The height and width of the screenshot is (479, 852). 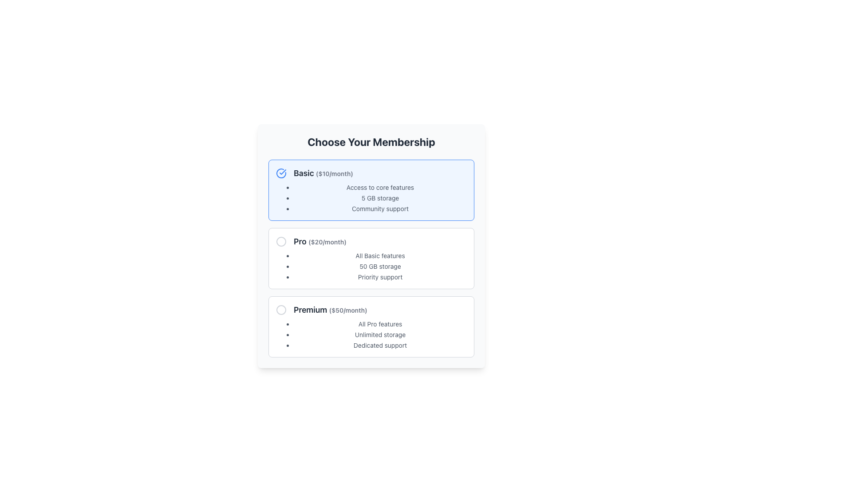 I want to click on the 'Premium' membership option text label, which is the third item in a vertical list below the 'Pro' membership option, indicating its name and price, so click(x=330, y=309).